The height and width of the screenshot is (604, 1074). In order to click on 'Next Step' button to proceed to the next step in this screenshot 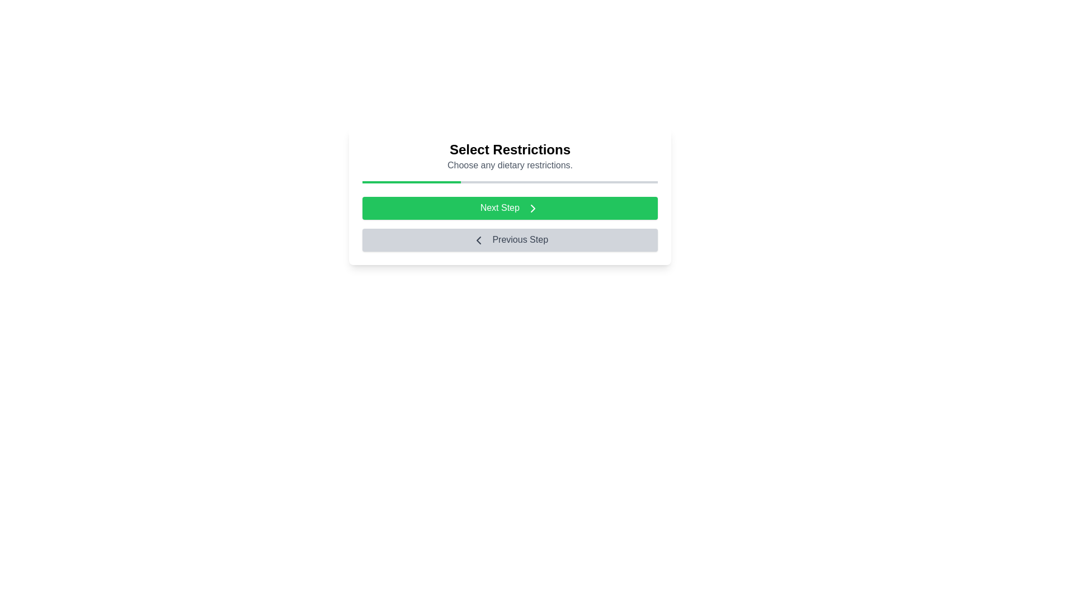, I will do `click(510, 207)`.